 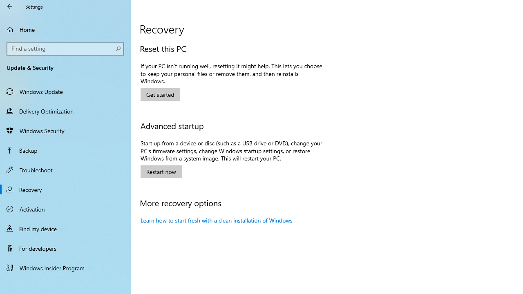 I want to click on 'Get started with resetting this PC', so click(x=160, y=94).